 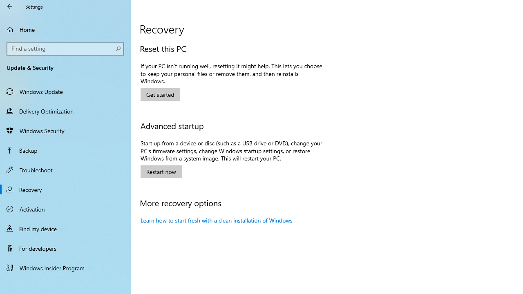 I want to click on 'Get started with resetting this PC', so click(x=160, y=94).